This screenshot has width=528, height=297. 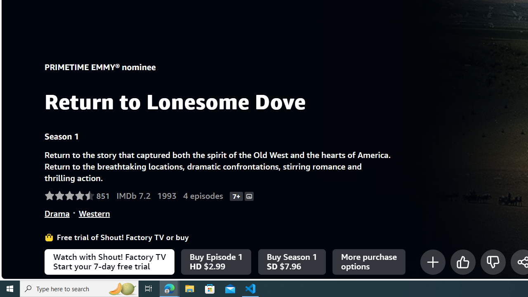 What do you see at coordinates (432, 262) in the screenshot?
I see `'Add to Watchlist'` at bounding box center [432, 262].